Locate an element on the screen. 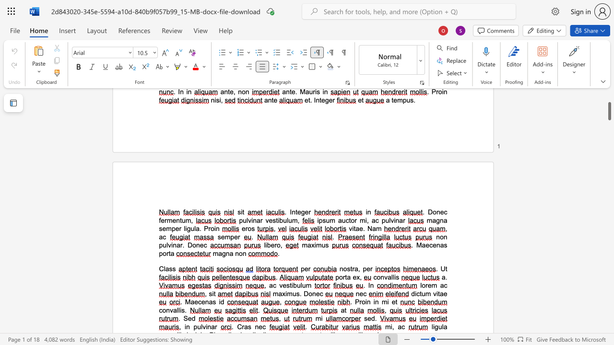 The image size is (614, 345). the space between the continuous character "s" and "." in the text is located at coordinates (184, 310).